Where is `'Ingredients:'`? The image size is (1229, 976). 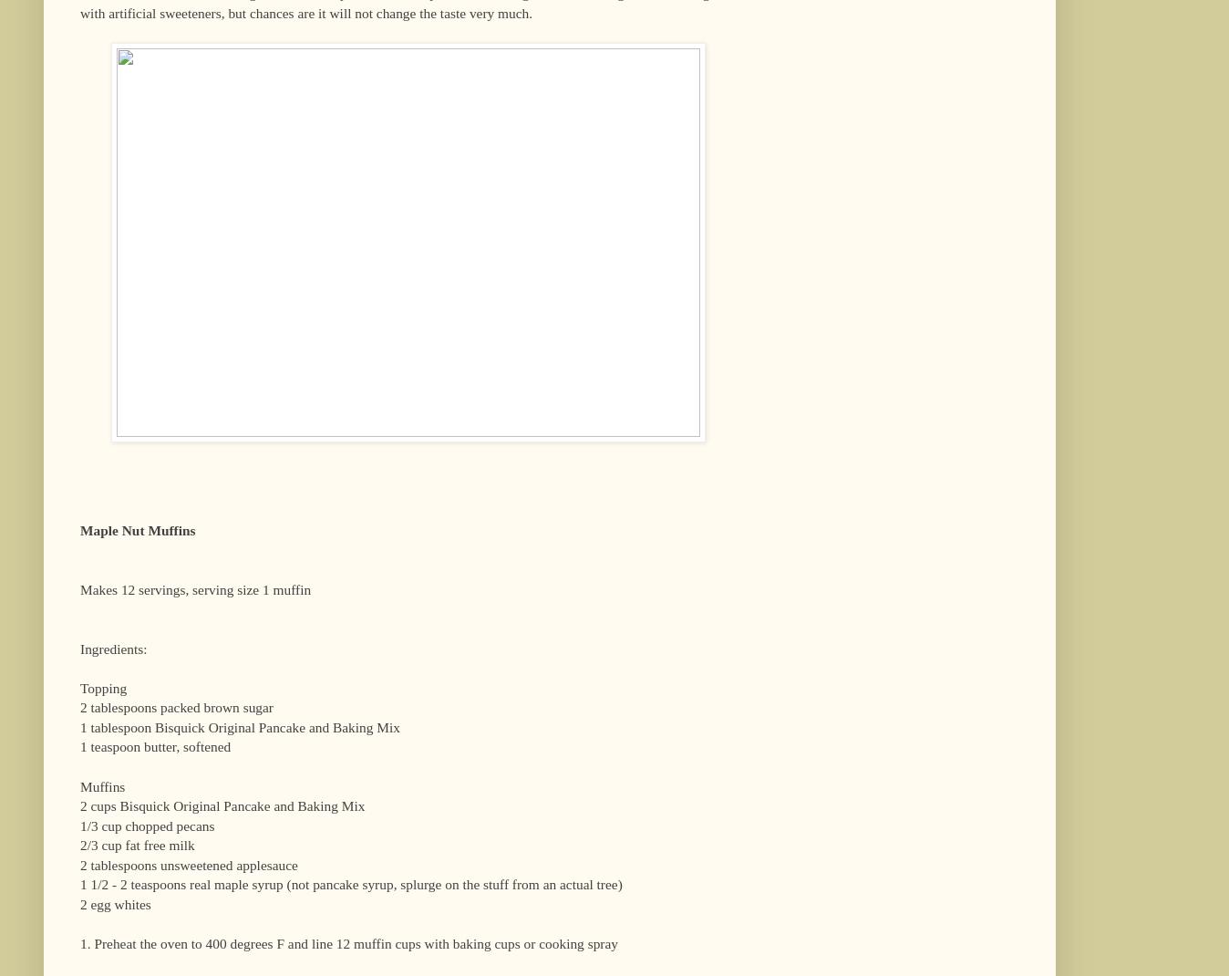
'Ingredients:' is located at coordinates (112, 648).